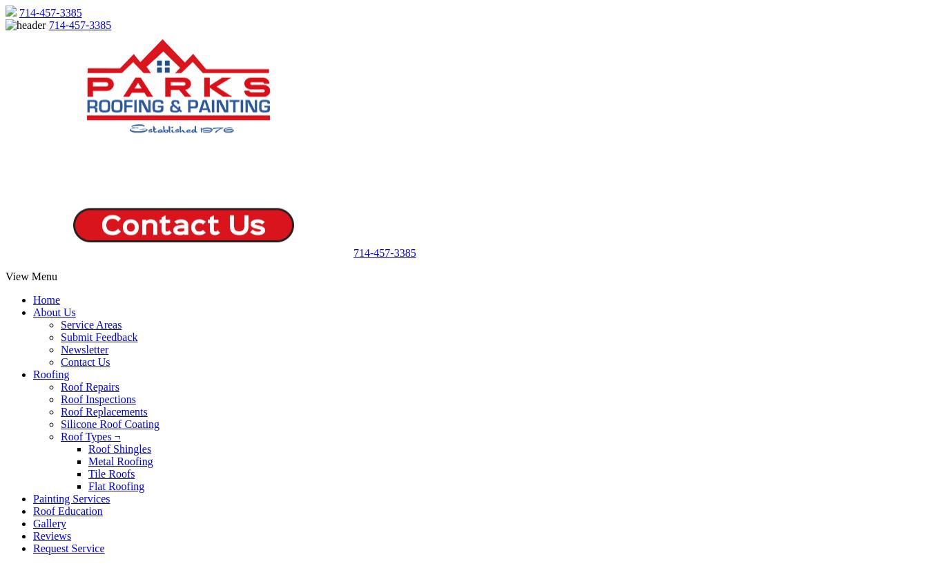 The width and height of the screenshot is (932, 566). I want to click on 'View Menu', so click(30, 276).